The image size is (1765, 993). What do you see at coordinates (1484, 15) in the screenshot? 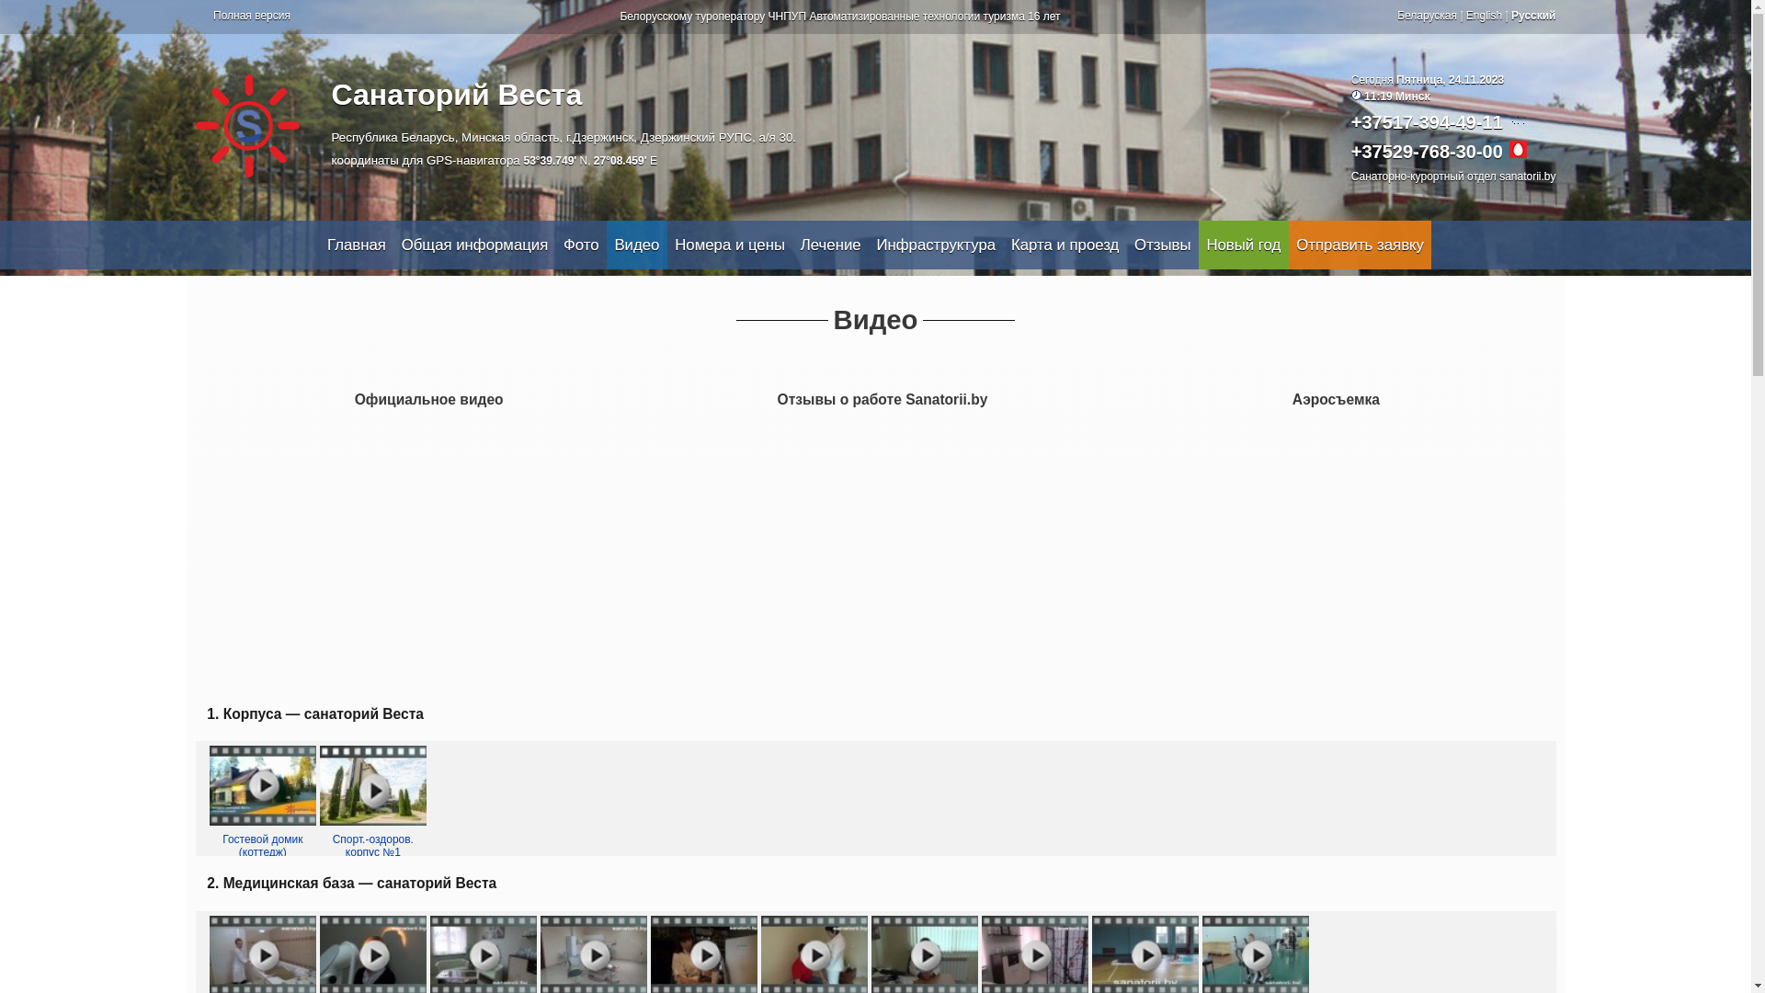
I see `'English'` at bounding box center [1484, 15].